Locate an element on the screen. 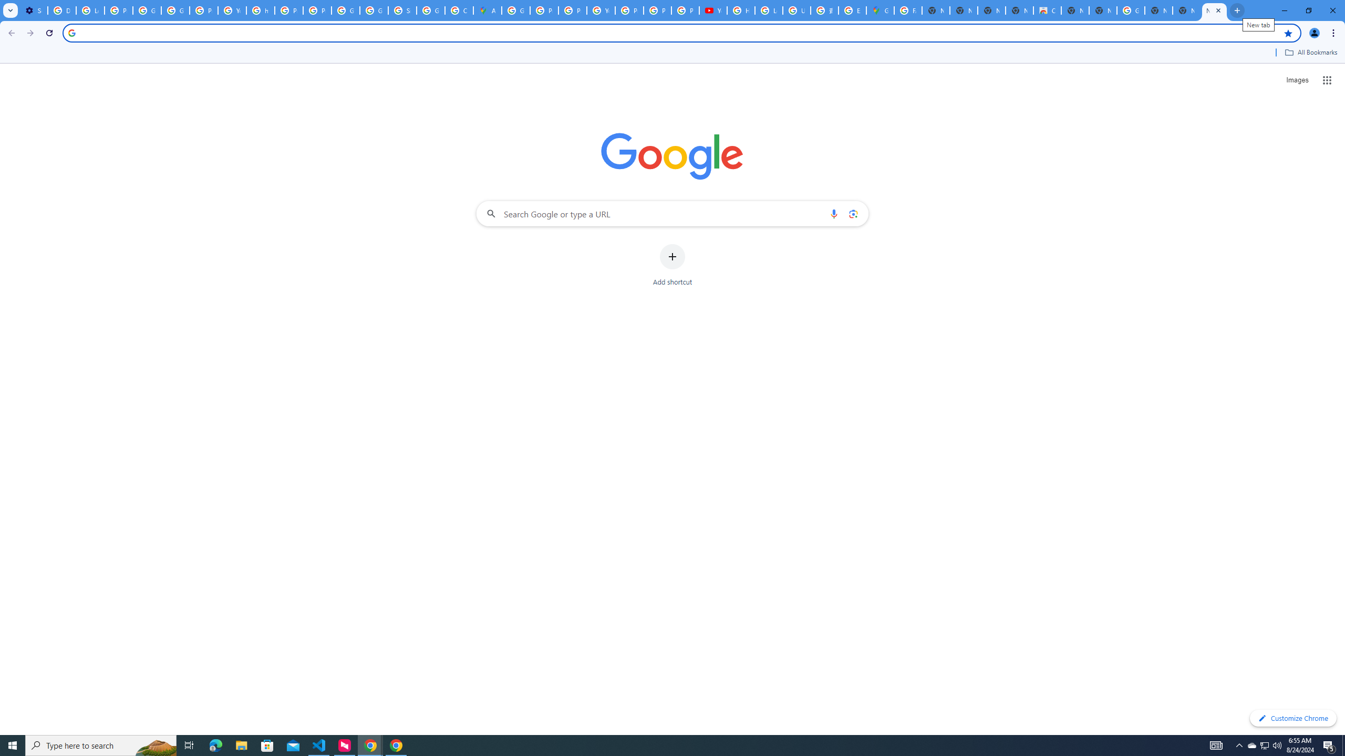 The height and width of the screenshot is (756, 1345). 'Search Google or type a URL' is located at coordinates (672, 213).